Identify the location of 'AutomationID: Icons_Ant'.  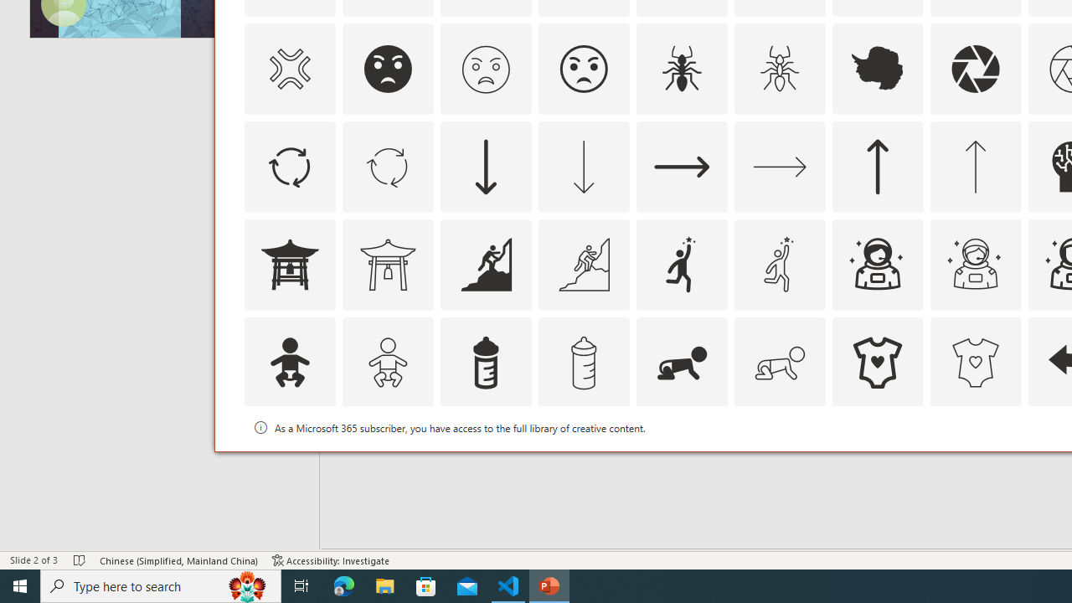
(682, 68).